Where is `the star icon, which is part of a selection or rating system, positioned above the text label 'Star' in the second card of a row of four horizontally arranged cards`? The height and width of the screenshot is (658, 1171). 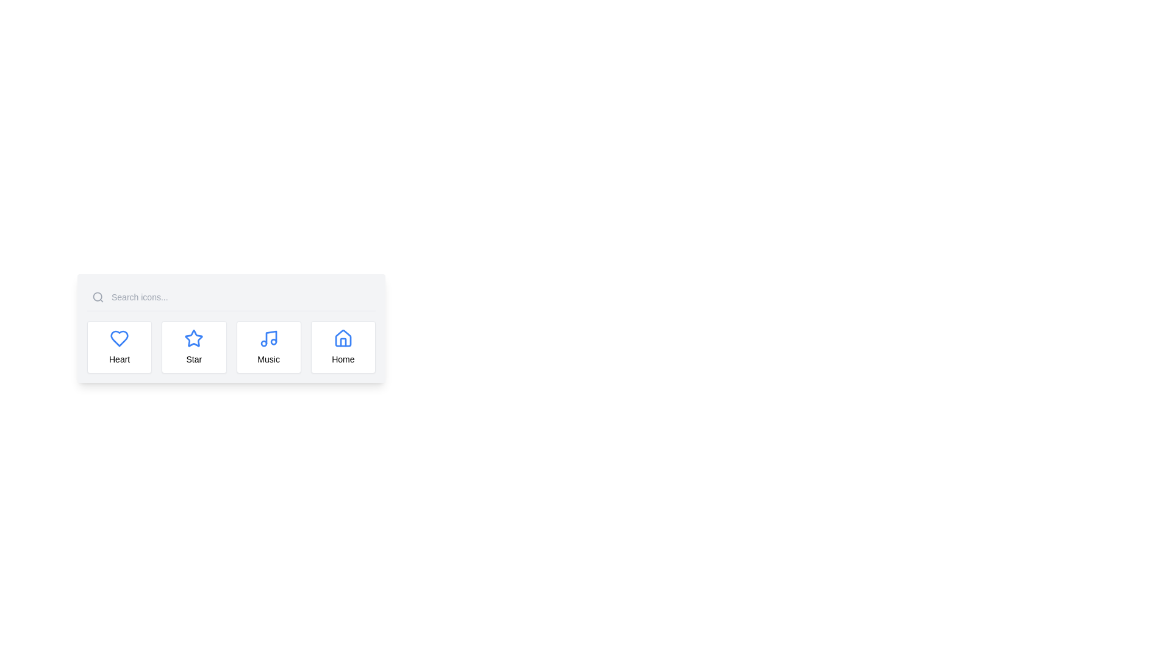
the star icon, which is part of a selection or rating system, positioned above the text label 'Star' in the second card of a row of four horizontally arranged cards is located at coordinates (193, 338).